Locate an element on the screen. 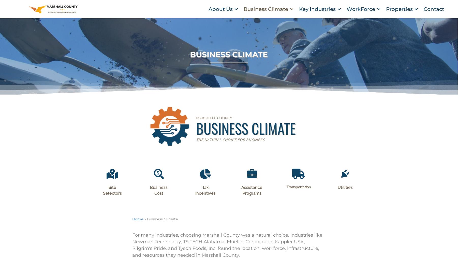 Image resolution: width=458 pixels, height=259 pixels. 'WorkForce' is located at coordinates (361, 12).